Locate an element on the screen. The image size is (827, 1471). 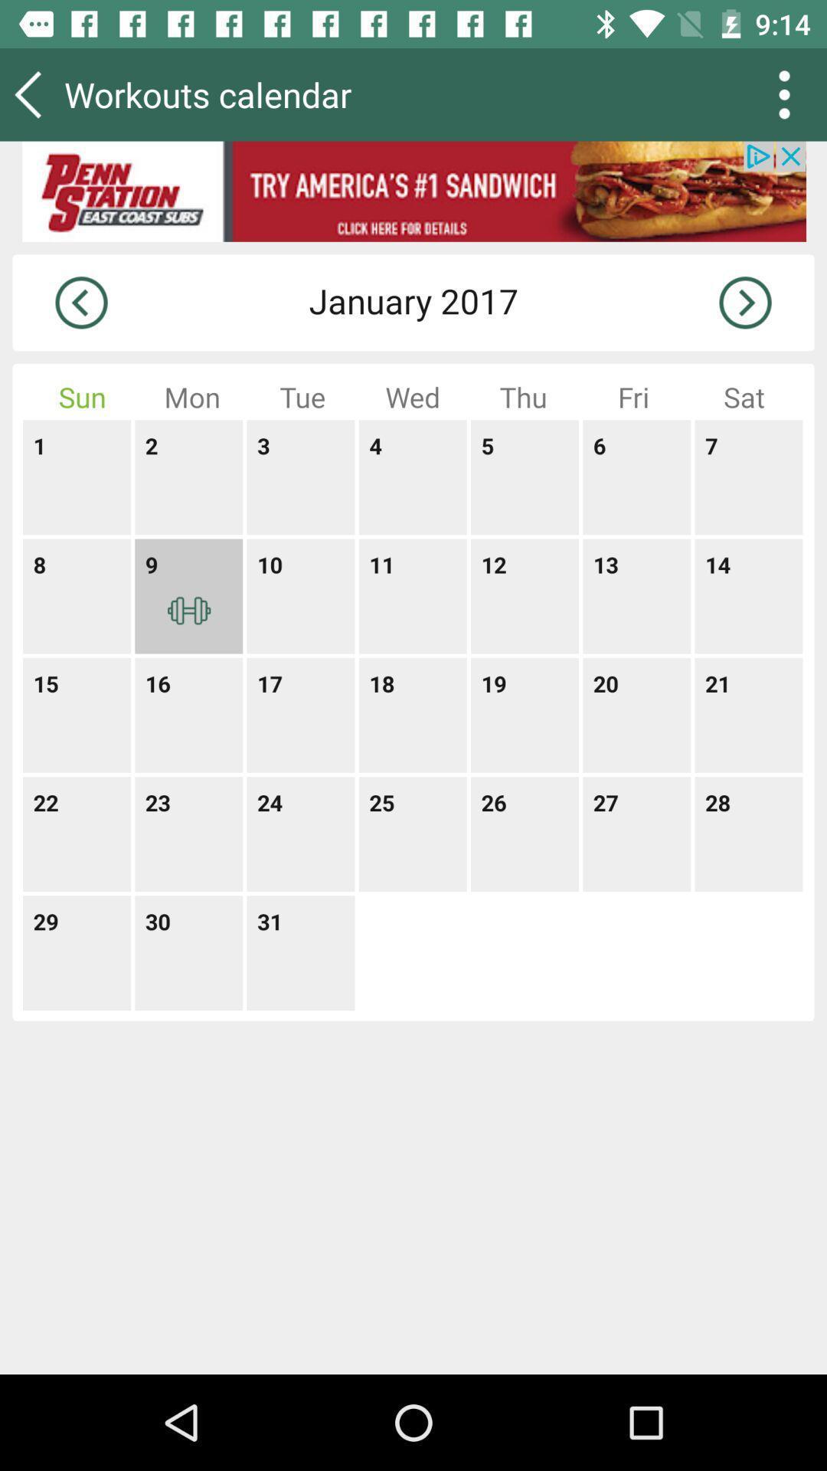
the advertisement is located at coordinates (413, 191).